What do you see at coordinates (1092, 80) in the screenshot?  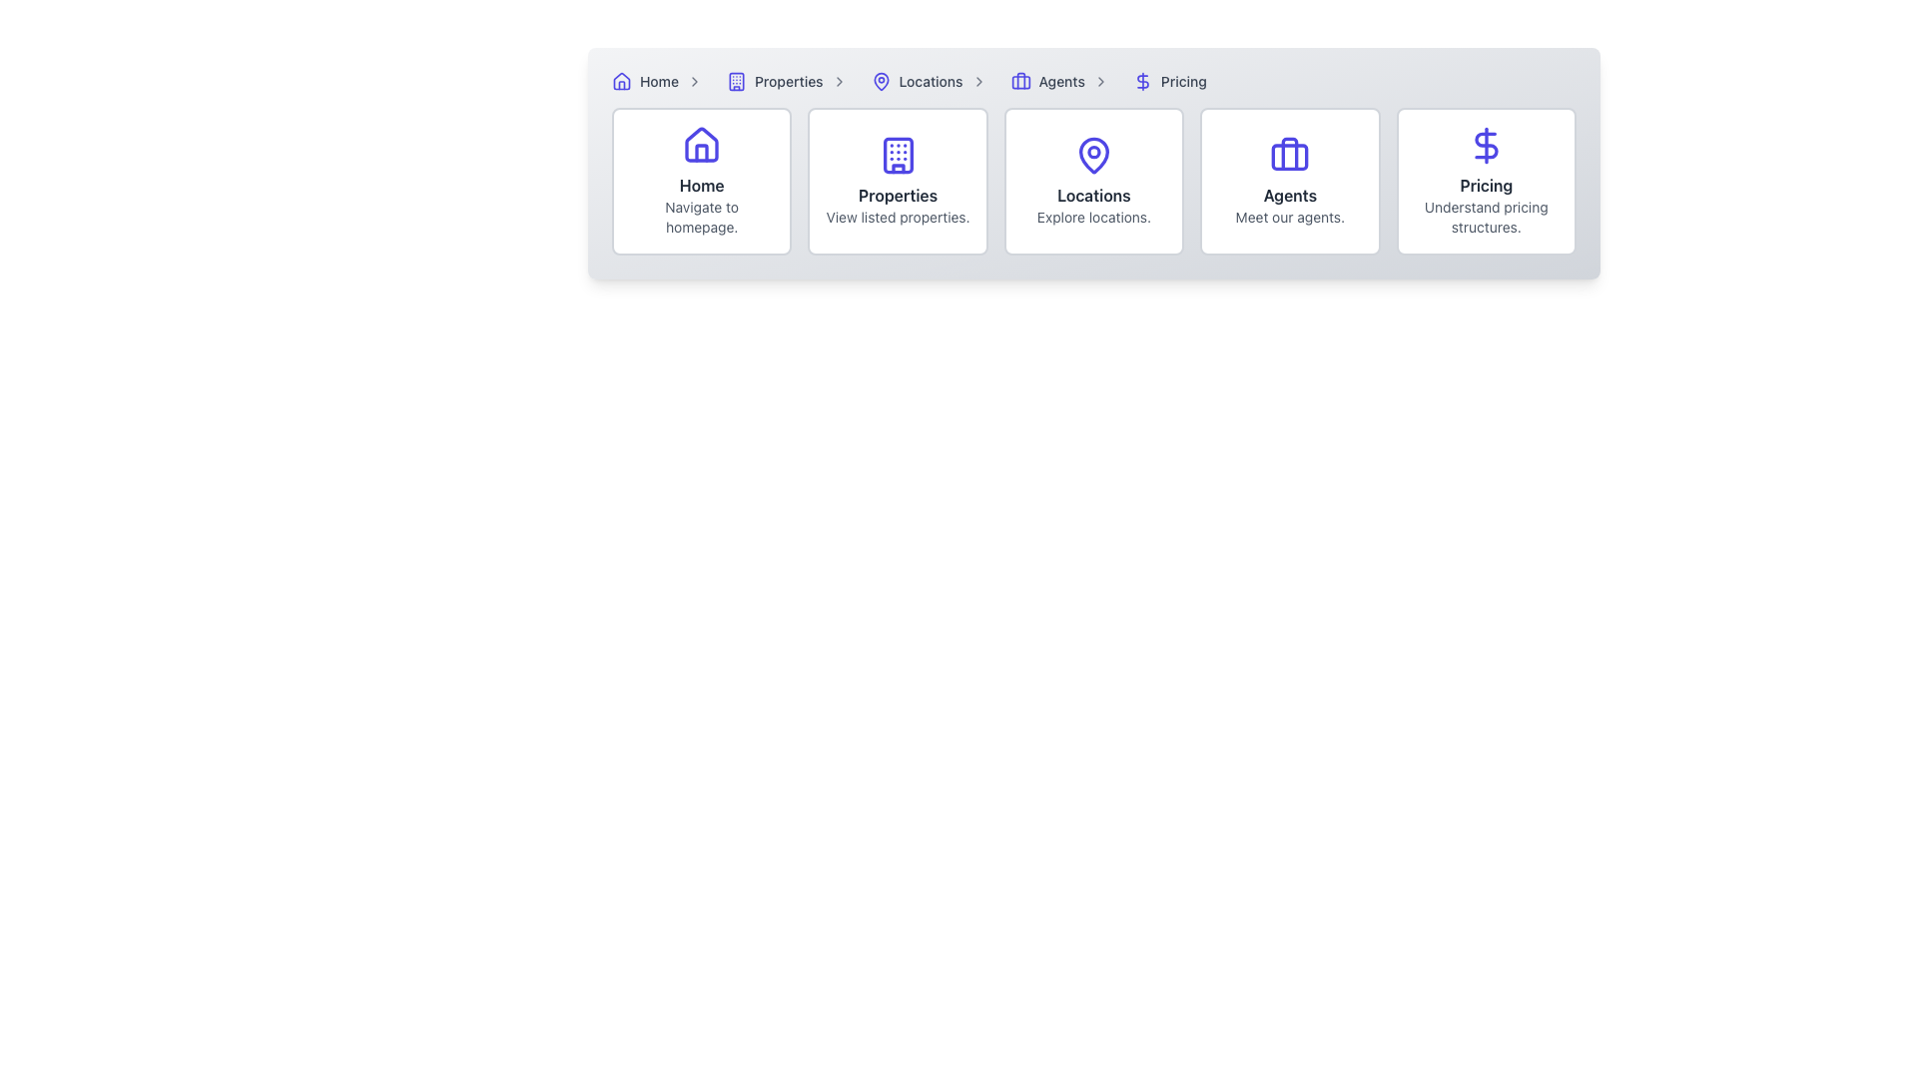 I see `a breadcrumb segment in the navigation bar located at the upper section of the interface` at bounding box center [1092, 80].